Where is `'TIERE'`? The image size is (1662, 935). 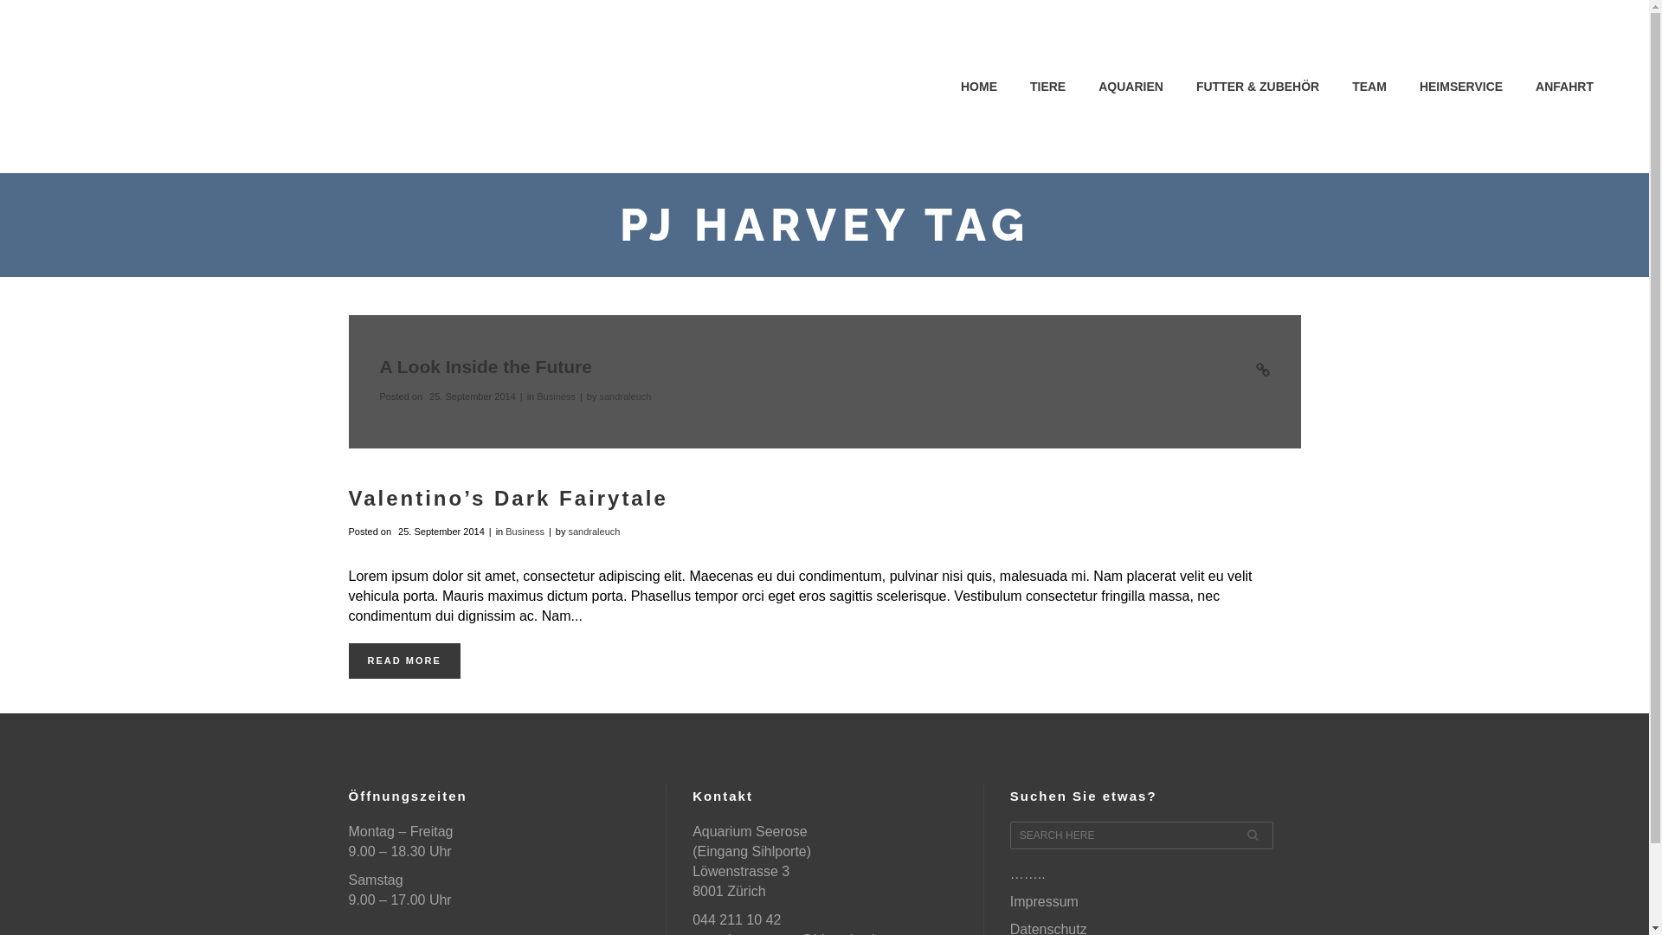 'TIERE' is located at coordinates (1047, 87).